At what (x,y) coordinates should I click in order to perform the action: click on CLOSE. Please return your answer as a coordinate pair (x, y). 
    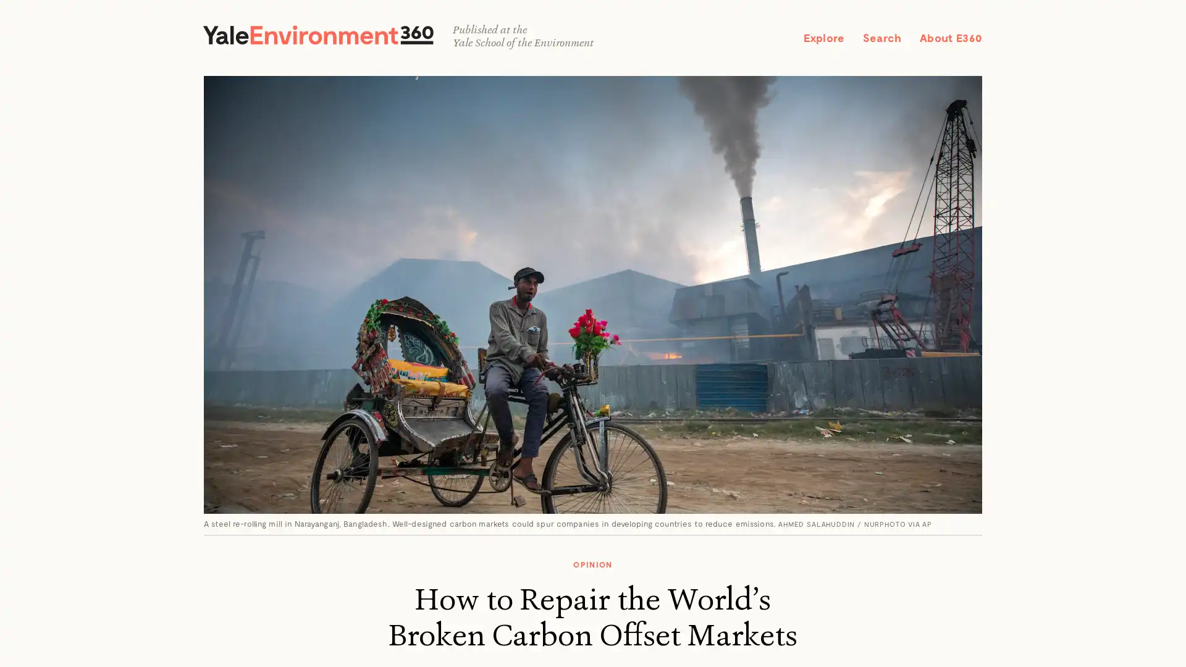
    Looking at the image, I should click on (1154, 30).